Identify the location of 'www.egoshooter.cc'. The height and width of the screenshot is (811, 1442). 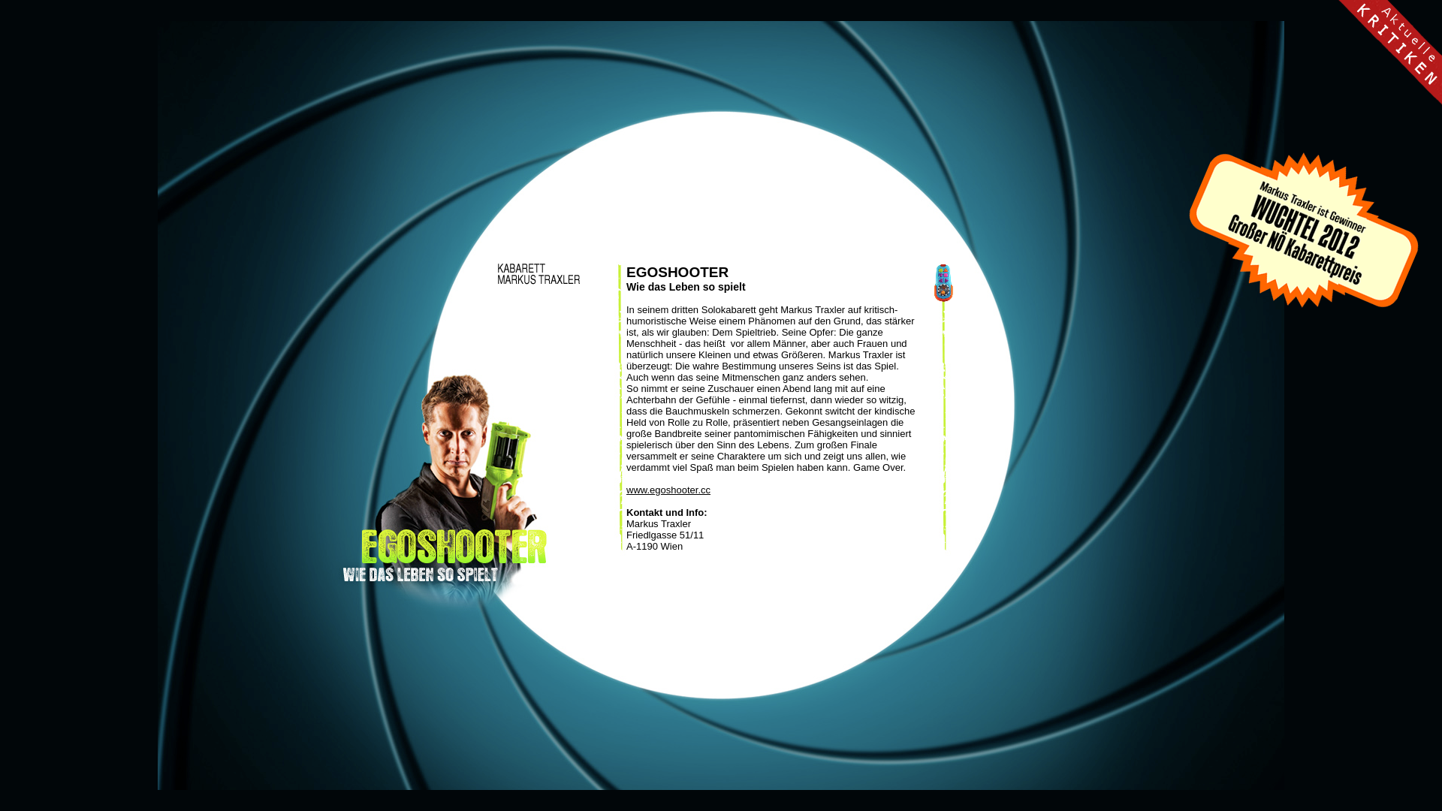
(626, 490).